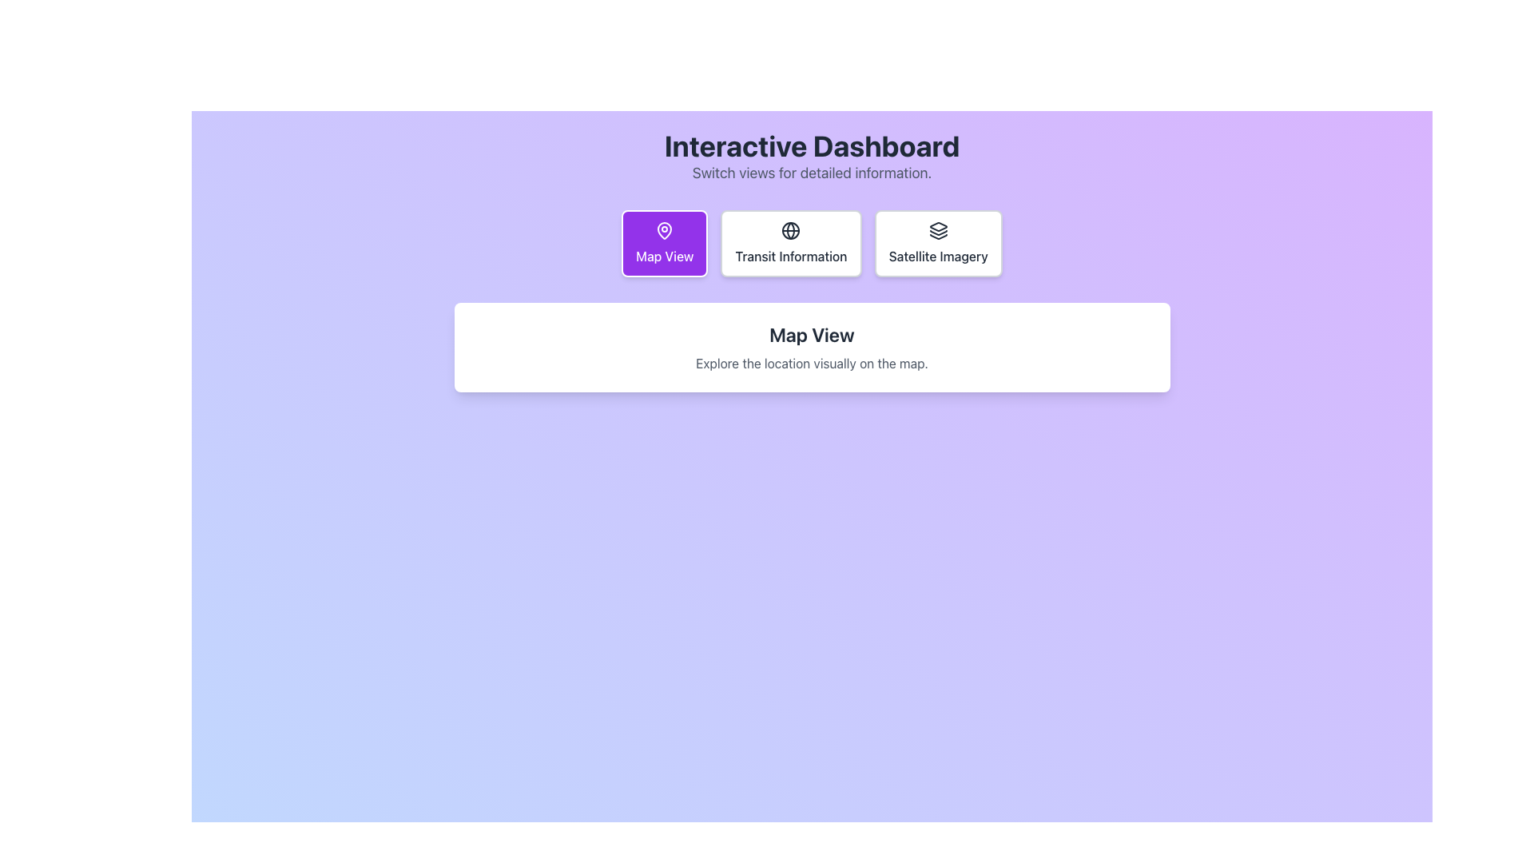 The height and width of the screenshot is (863, 1534). Describe the element at coordinates (812, 145) in the screenshot. I see `the 'Interactive Dashboard' header text element, which is styled in a large, bold font and positioned prominently at the upper center of the interface` at that location.